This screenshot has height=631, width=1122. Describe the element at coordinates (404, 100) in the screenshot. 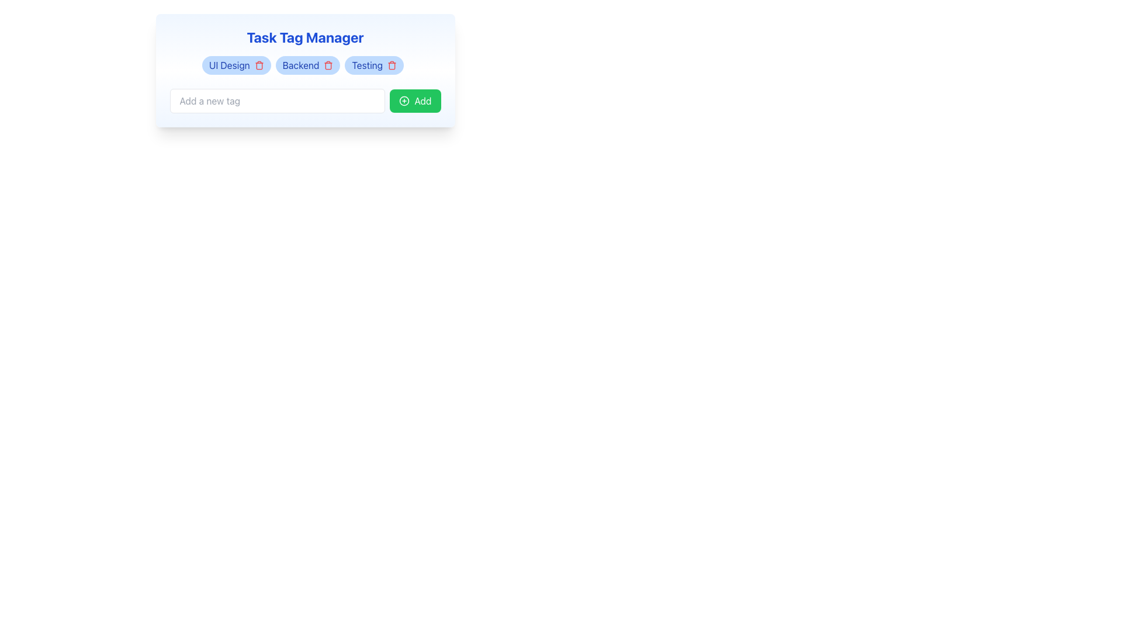

I see `the leftmost part of the green 'Add' button icon, which indicates the action of adding a new item or creating something` at that location.